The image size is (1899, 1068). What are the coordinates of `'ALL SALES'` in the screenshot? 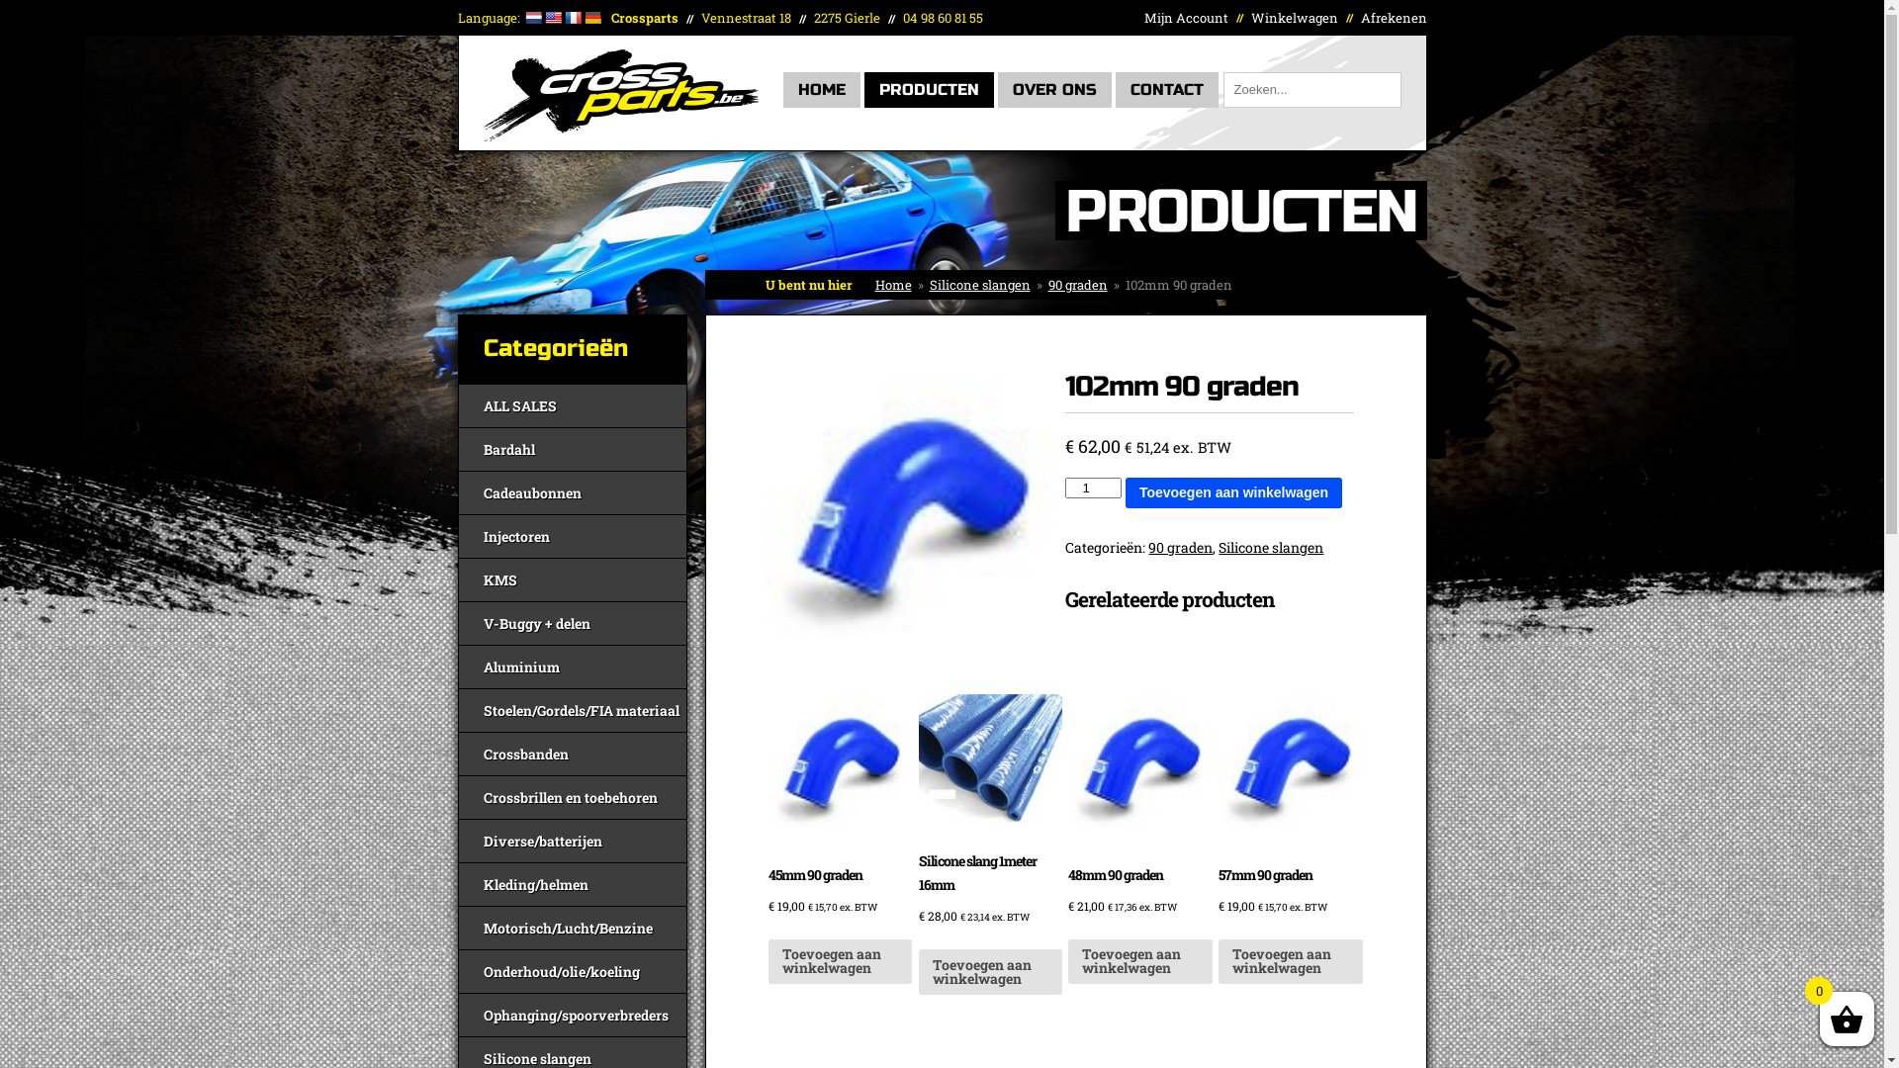 It's located at (572, 403).